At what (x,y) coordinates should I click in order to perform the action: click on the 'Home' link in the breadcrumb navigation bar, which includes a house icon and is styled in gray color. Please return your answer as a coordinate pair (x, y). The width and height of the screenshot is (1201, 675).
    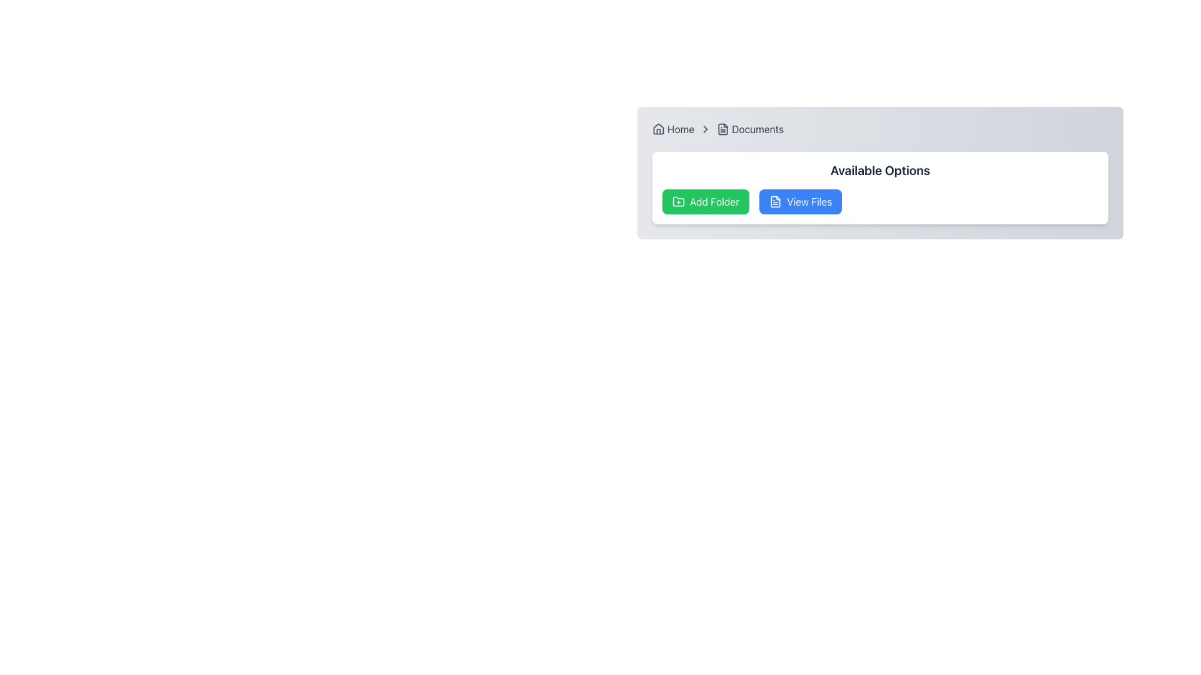
    Looking at the image, I should click on (672, 129).